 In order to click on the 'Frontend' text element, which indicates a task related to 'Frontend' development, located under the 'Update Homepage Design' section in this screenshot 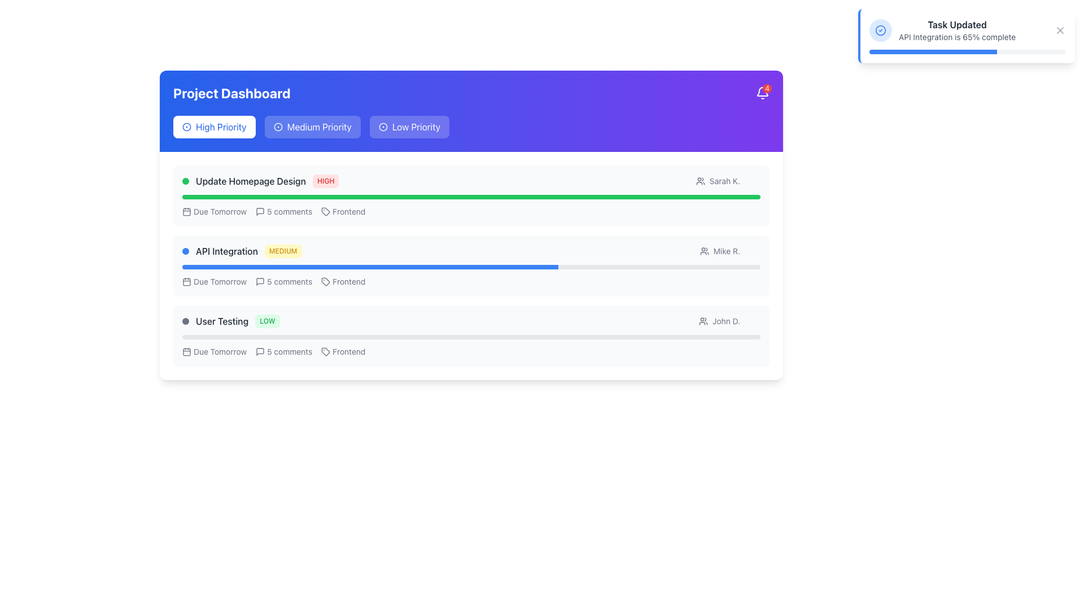, I will do `click(348, 211)`.